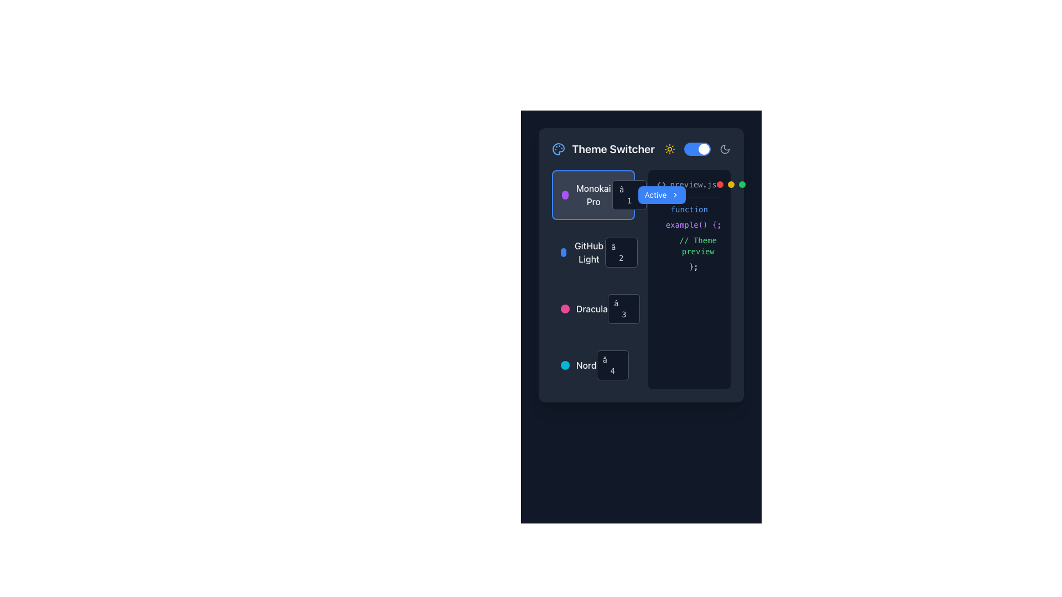 This screenshot has width=1062, height=597. What do you see at coordinates (689, 187) in the screenshot?
I see `the static text element displaying 'preview.js' with a decorative code icon on the left and three colored dots on the right` at bounding box center [689, 187].